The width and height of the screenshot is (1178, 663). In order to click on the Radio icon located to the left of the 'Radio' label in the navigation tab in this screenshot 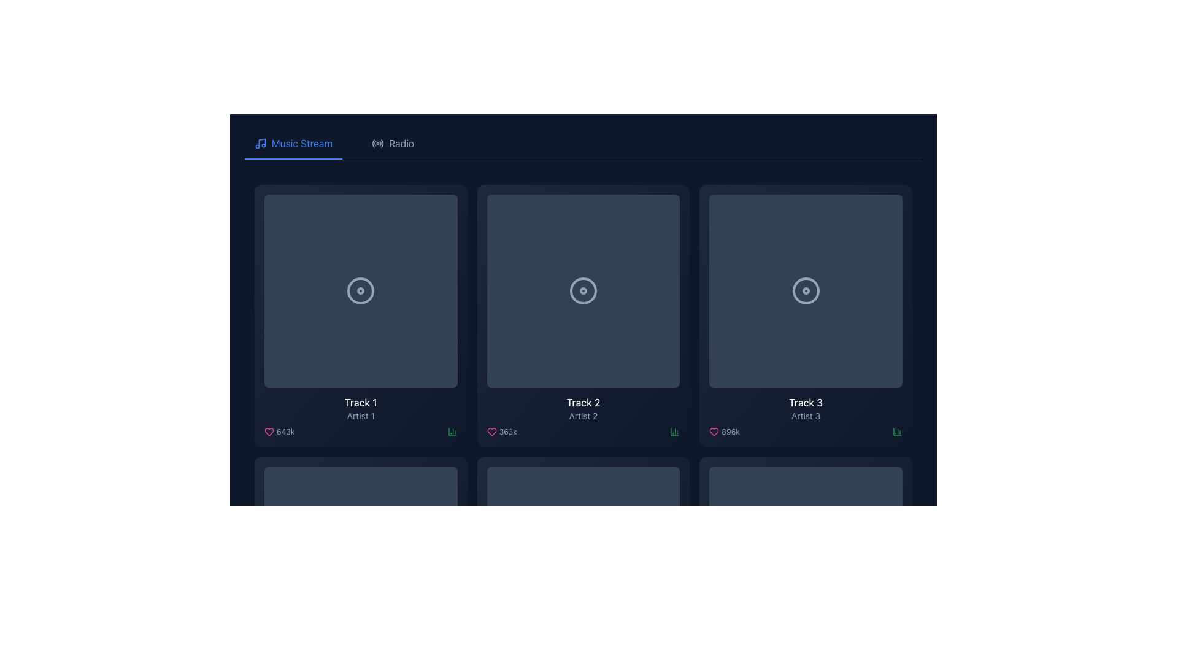, I will do `click(377, 143)`.